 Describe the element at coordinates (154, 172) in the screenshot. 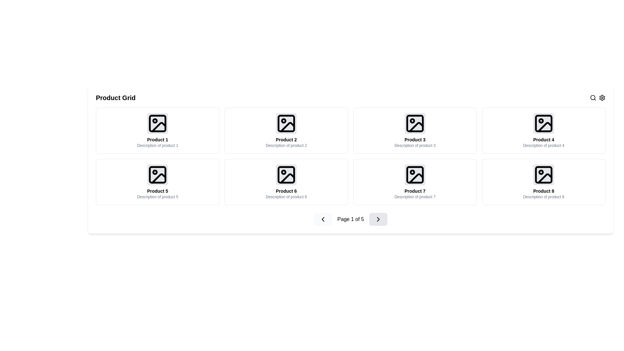

I see `the Graphical Decoration element located near the center-left of the image icon in the product card labeled 'Product 5', positioned in the second row and first column of the product grid` at that location.